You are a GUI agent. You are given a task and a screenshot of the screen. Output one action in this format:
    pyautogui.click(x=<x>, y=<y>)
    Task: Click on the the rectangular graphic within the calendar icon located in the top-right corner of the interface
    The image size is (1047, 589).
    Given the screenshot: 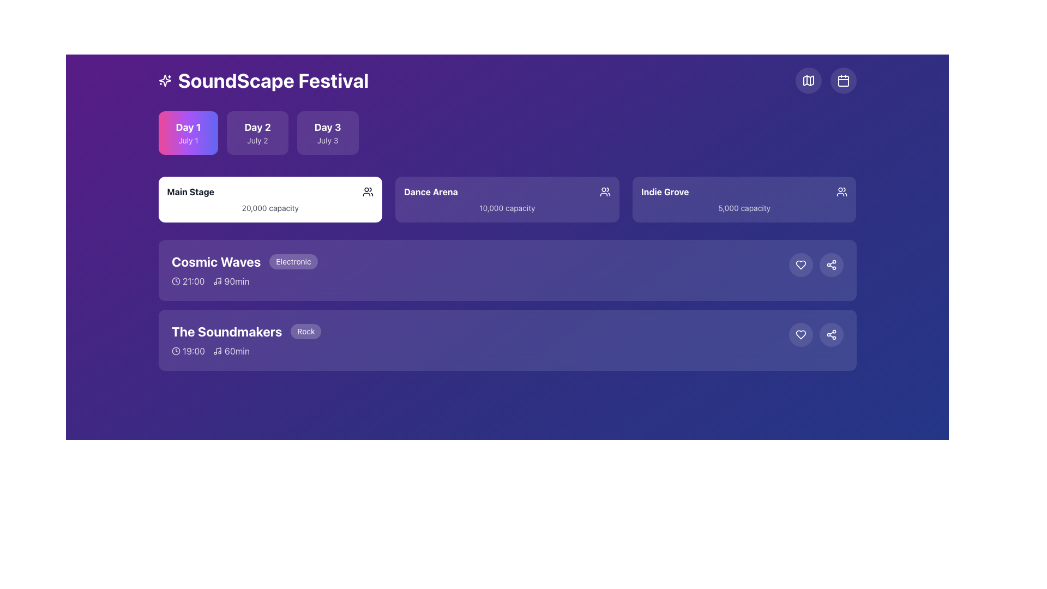 What is the action you would take?
    pyautogui.click(x=843, y=81)
    